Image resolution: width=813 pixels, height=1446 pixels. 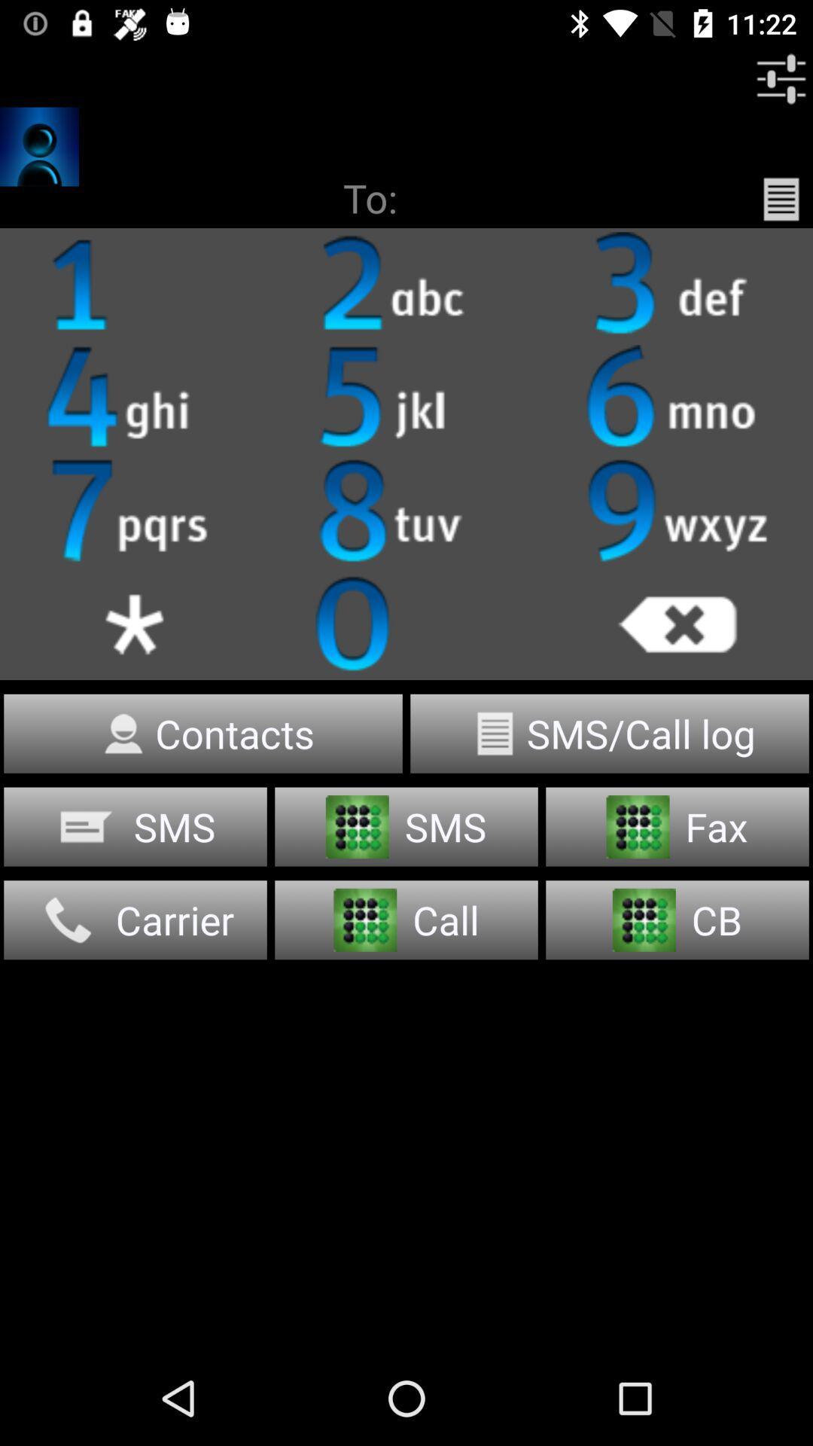 I want to click on it is clickable, so click(x=406, y=285).